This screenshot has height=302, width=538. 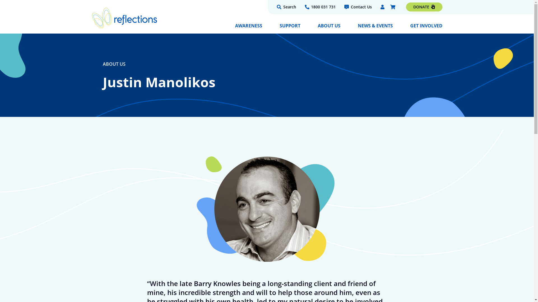 What do you see at coordinates (393, 8) in the screenshot?
I see `'Checkout'` at bounding box center [393, 8].